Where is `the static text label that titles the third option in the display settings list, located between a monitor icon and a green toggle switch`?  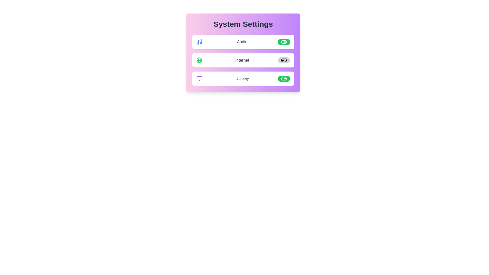
the static text label that titles the third option in the display settings list, located between a monitor icon and a green toggle switch is located at coordinates (242, 78).